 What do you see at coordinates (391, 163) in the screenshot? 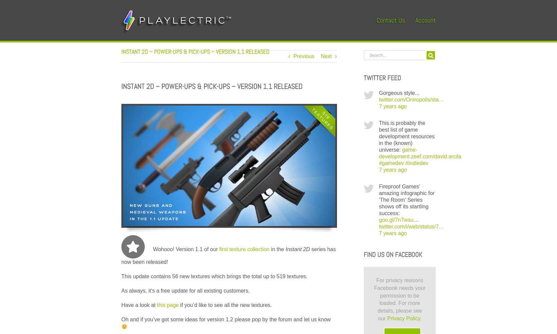
I see `'#gamedev'` at bounding box center [391, 163].